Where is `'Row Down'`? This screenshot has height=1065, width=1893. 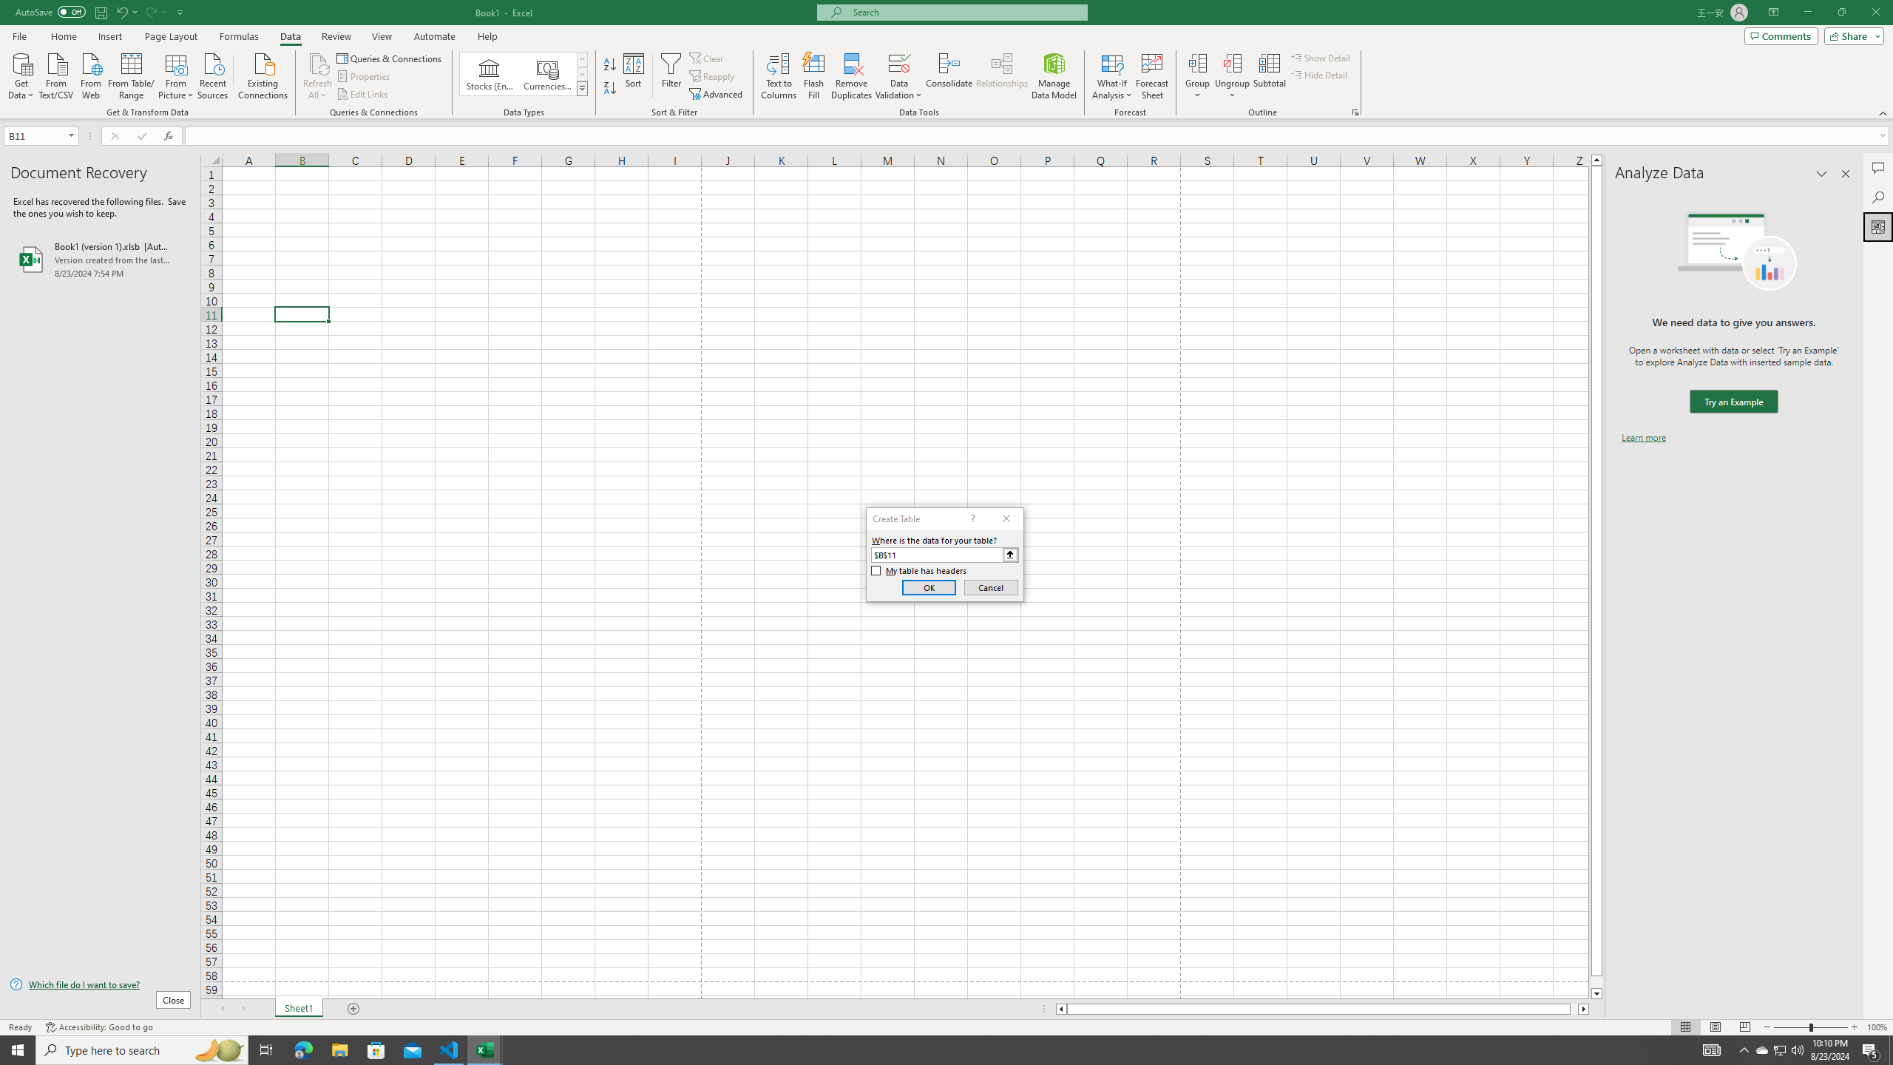
'Row Down' is located at coordinates (582, 73).